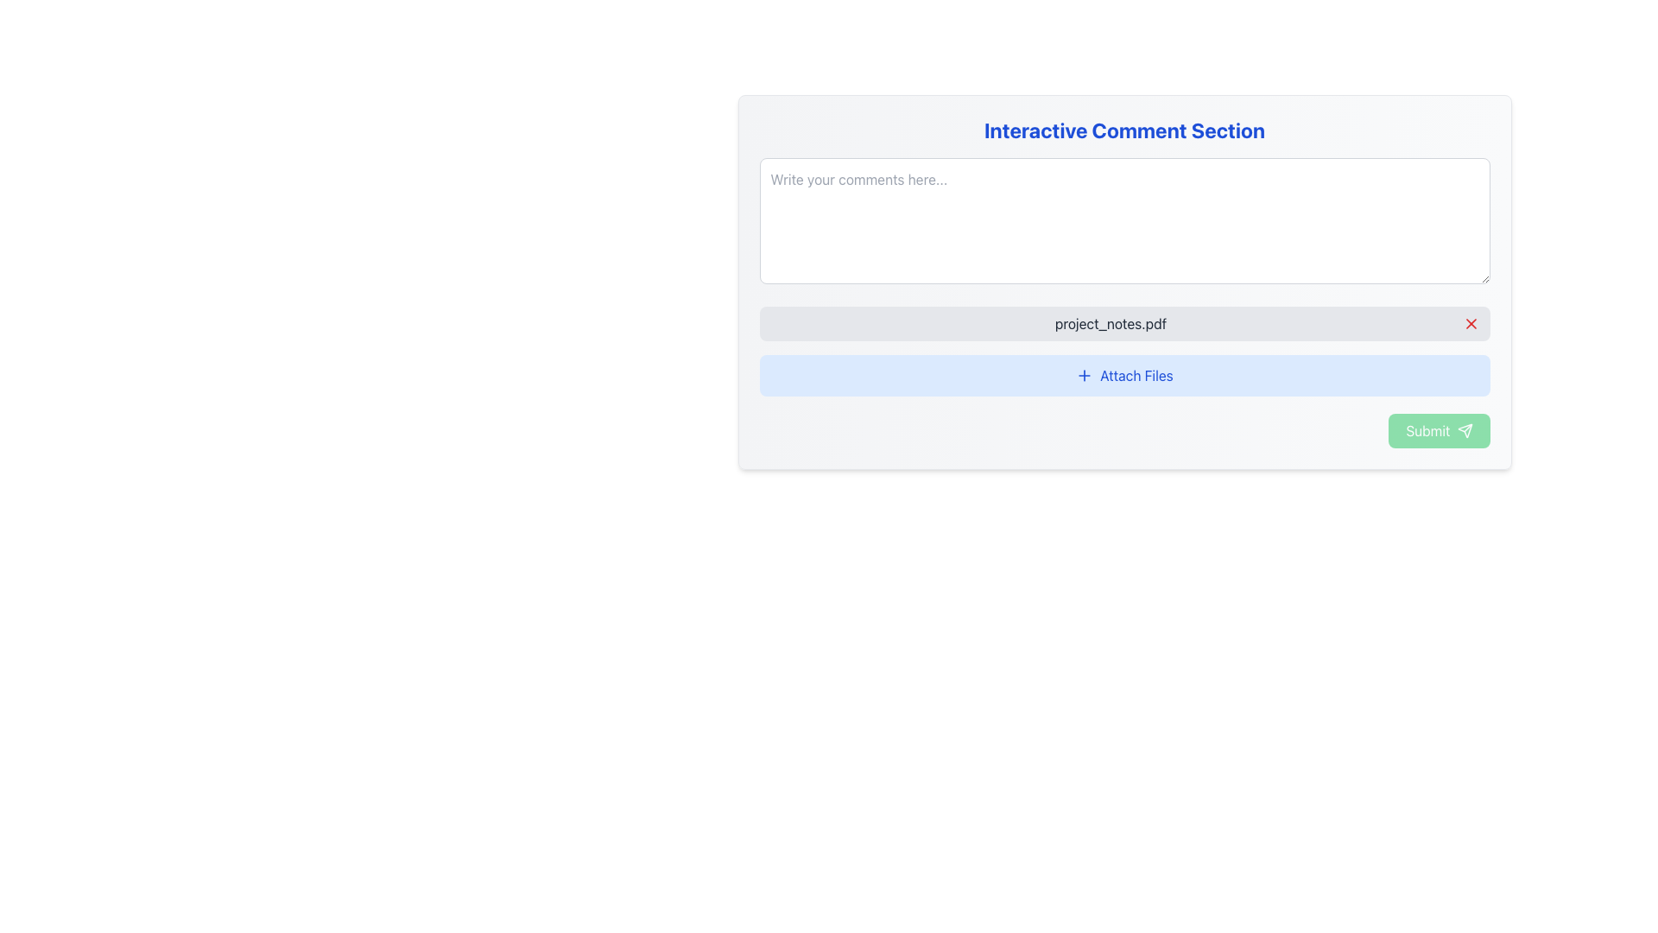 This screenshot has height=933, width=1658. What do you see at coordinates (1084, 375) in the screenshot?
I see `the icon in the 'Attach Files' button` at bounding box center [1084, 375].